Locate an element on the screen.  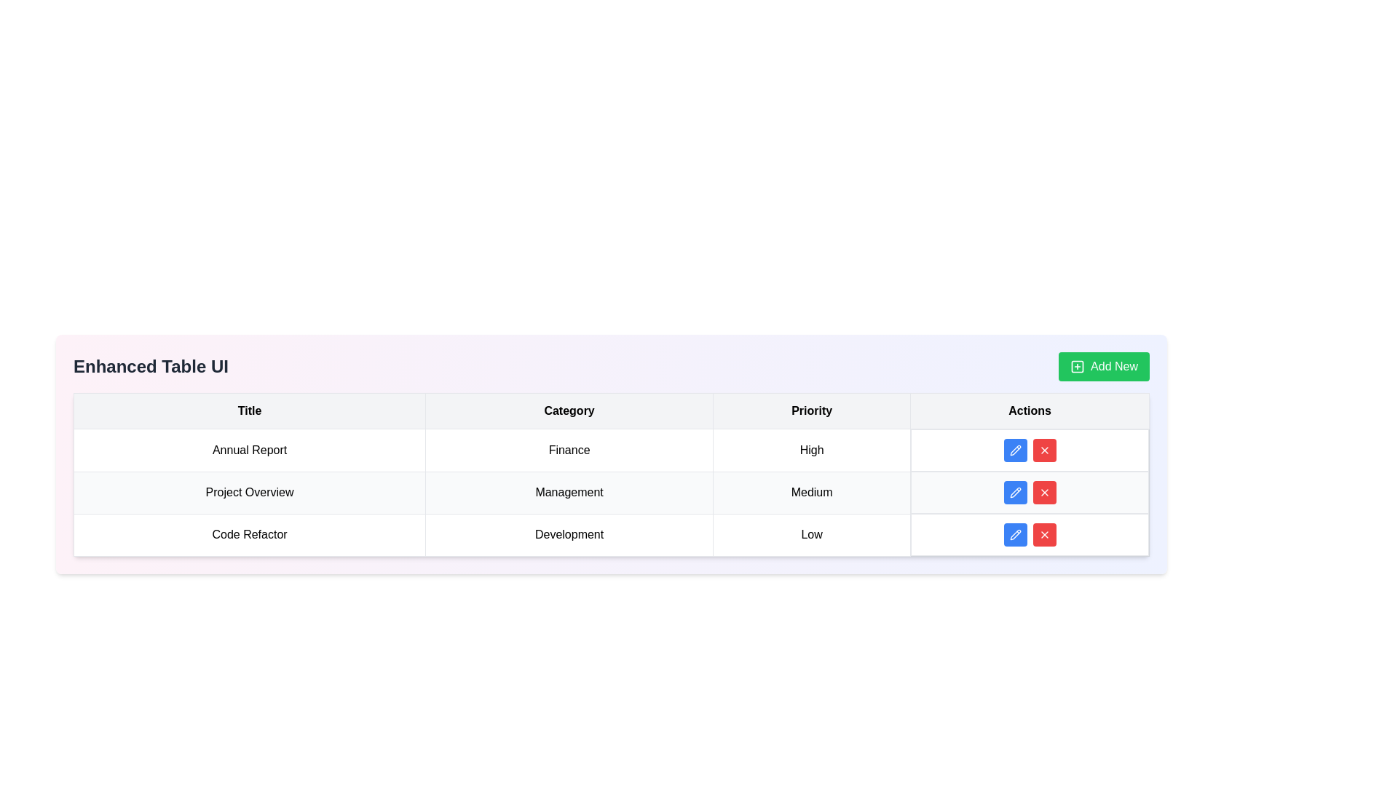
the text label in the second row under the 'Title' column is located at coordinates (250, 492).